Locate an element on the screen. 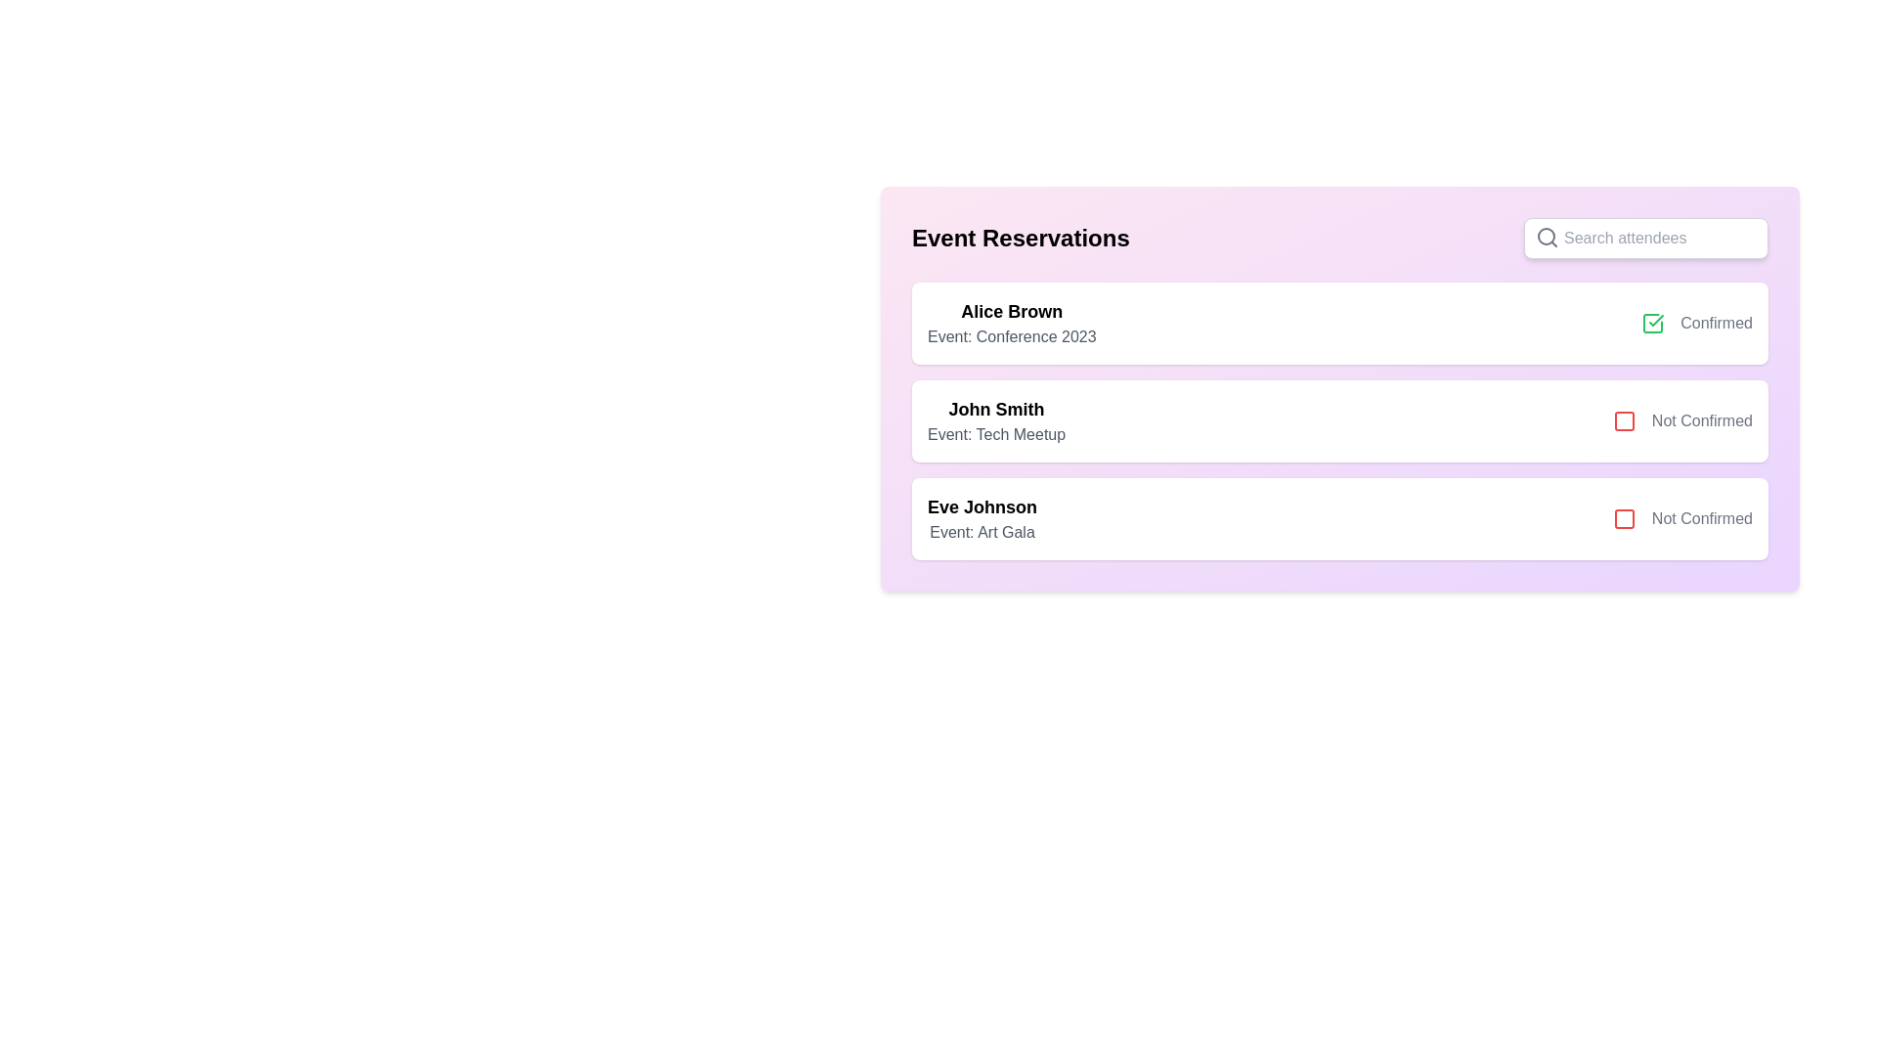 Image resolution: width=1877 pixels, height=1056 pixels. the Text Display element that labels the attendee name and event details for the third reservation entry in a vertical list is located at coordinates (982, 518).